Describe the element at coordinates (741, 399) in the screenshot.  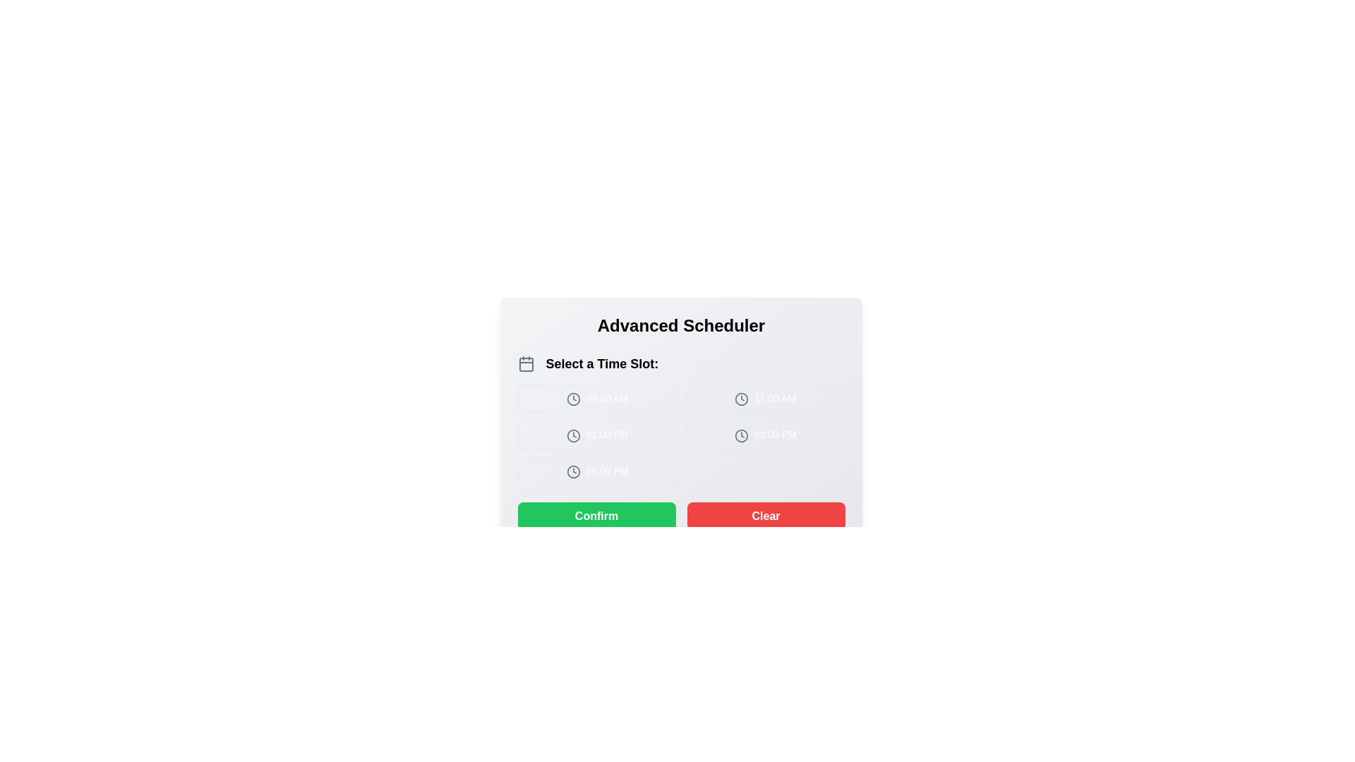
I see `the clock icon associated with the '11:00 AM' time slot button, which is the second item in the top row of the time slot selection area` at that location.